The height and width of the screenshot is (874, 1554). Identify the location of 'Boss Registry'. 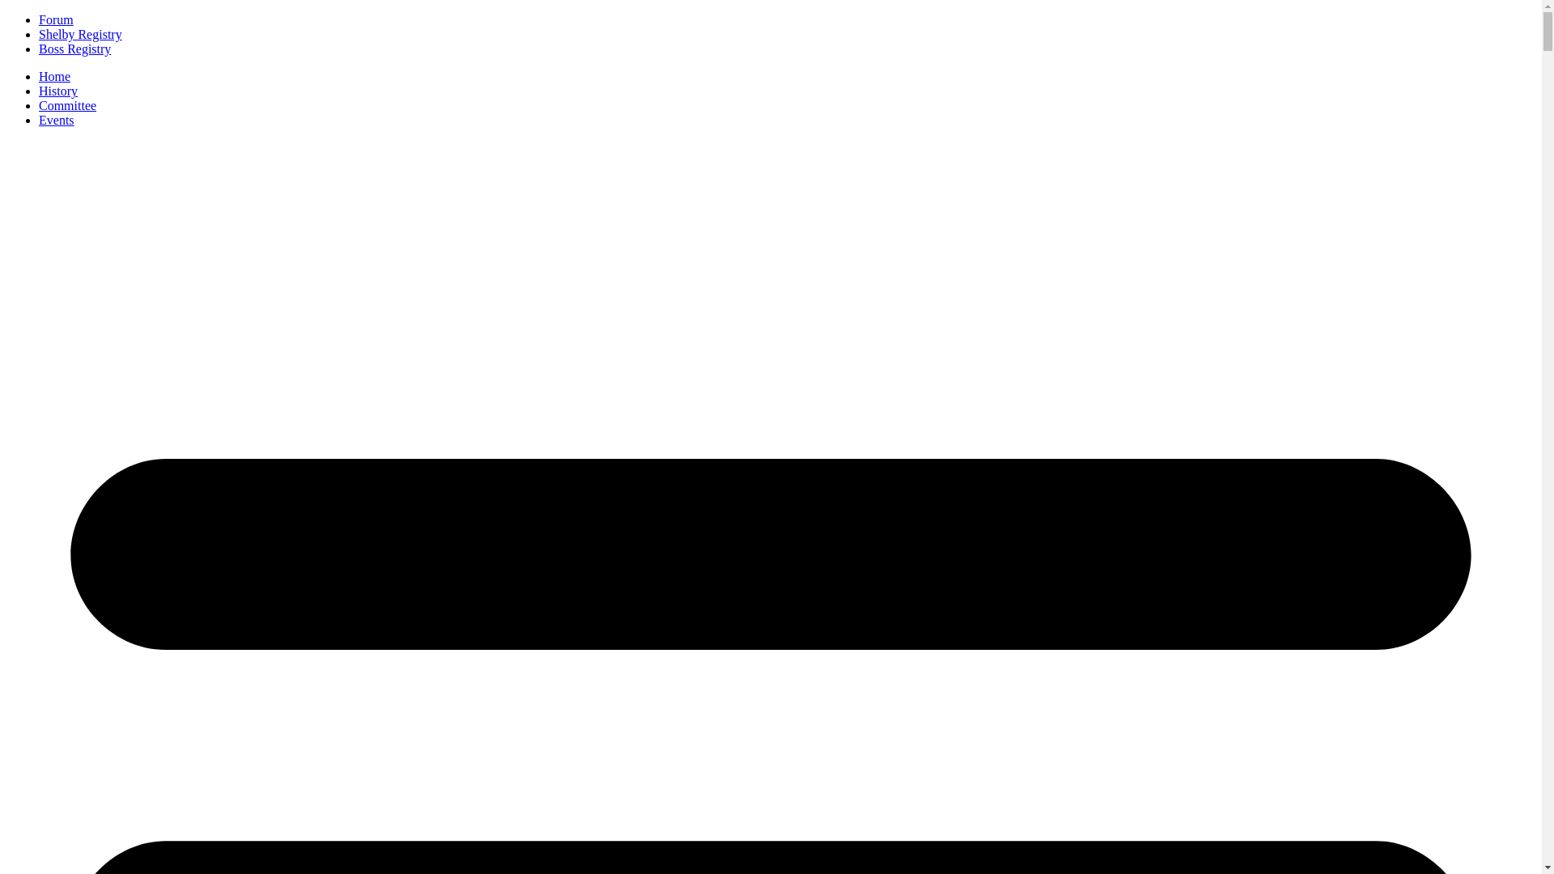
(39, 48).